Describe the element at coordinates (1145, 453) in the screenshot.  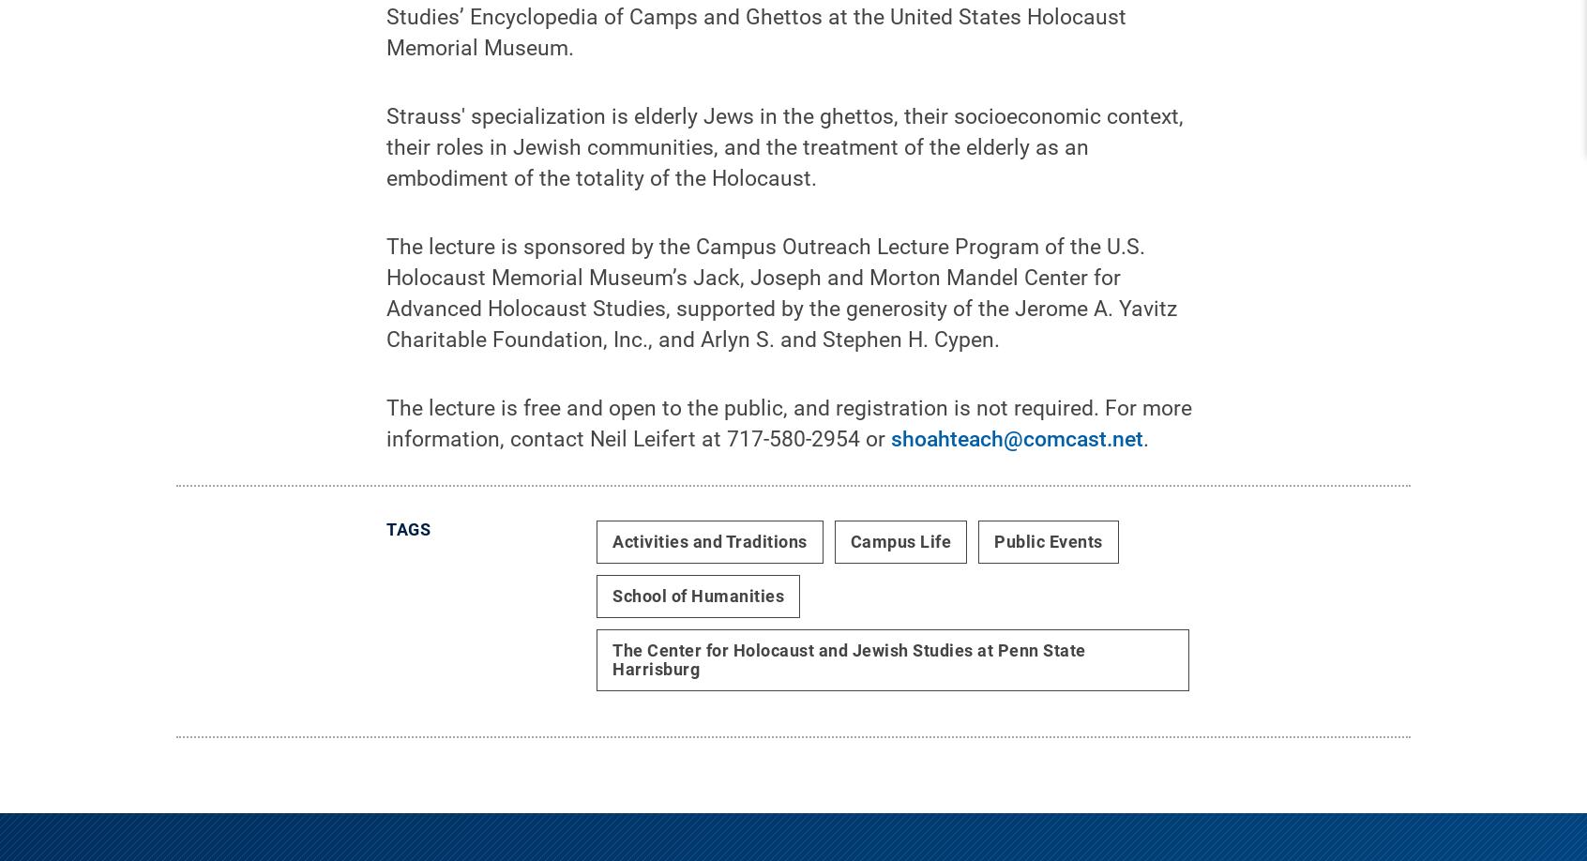
I see `'.'` at that location.